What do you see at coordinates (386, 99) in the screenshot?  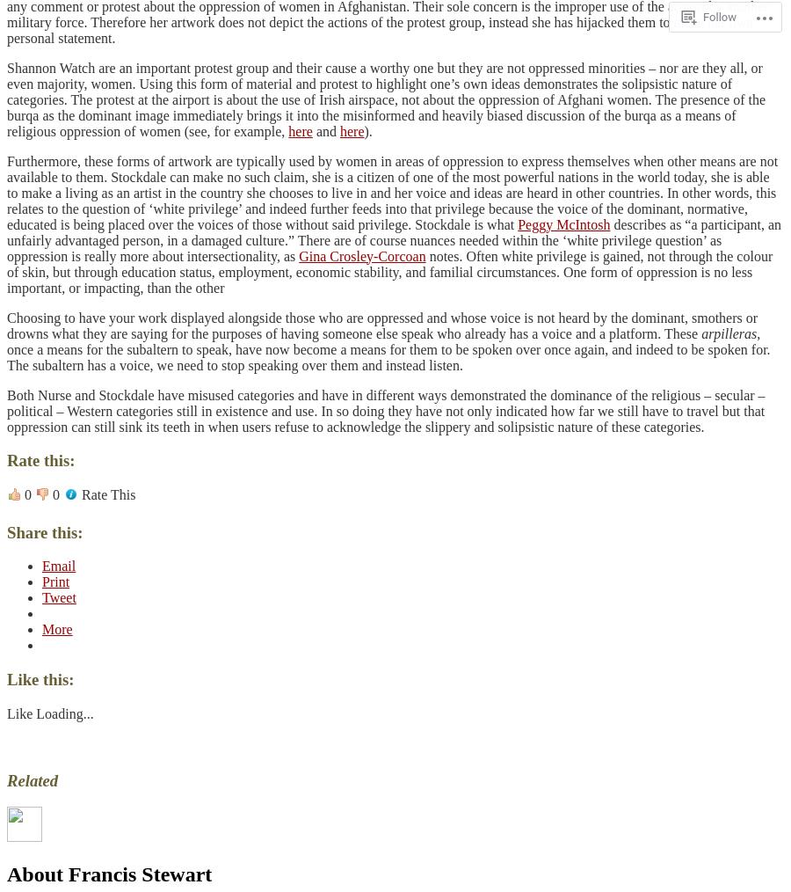 I see `'Shannon Watch are an important protest group and their cause a worthy one but they are not oppressed minorities – nor are they all, or even majority, women. Using this form of material and protest to highlight one’s own ideas demonstrates the solipsistic nature of categories. The protest at the airport is about the use of Irish airspace, not about the oppression of Afghani women. The presence of the burqa as the dominant image immediately brings it into the misinformed and heavily biased discussion of the burqa as a means of religious oppression of women (see, for example,'` at bounding box center [386, 99].